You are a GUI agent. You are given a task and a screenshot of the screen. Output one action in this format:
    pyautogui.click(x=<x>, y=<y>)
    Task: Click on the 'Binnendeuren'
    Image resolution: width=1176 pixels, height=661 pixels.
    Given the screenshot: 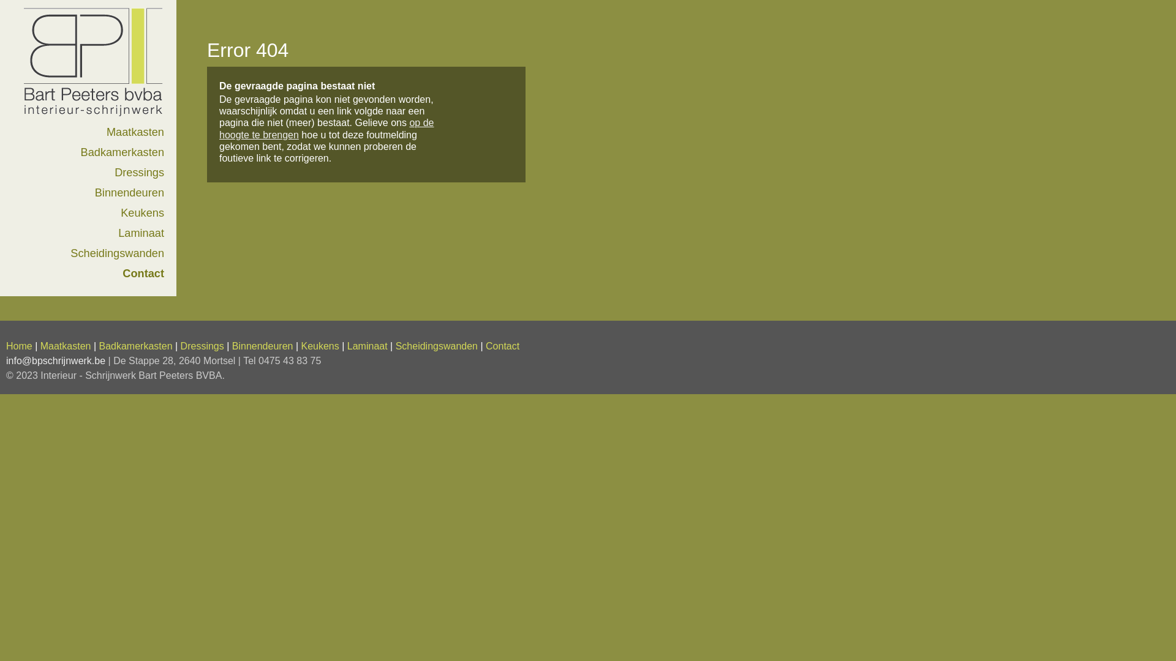 What is the action you would take?
    pyautogui.click(x=129, y=193)
    